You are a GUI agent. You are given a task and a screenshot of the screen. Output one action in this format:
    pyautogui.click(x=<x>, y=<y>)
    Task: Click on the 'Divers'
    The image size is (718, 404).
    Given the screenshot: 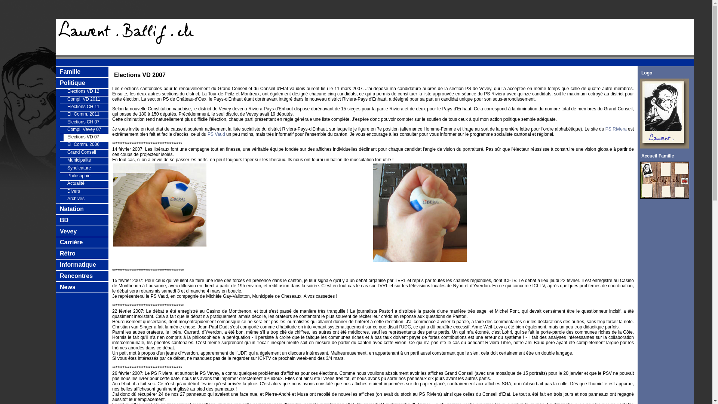 What is the action you would take?
    pyautogui.click(x=86, y=192)
    